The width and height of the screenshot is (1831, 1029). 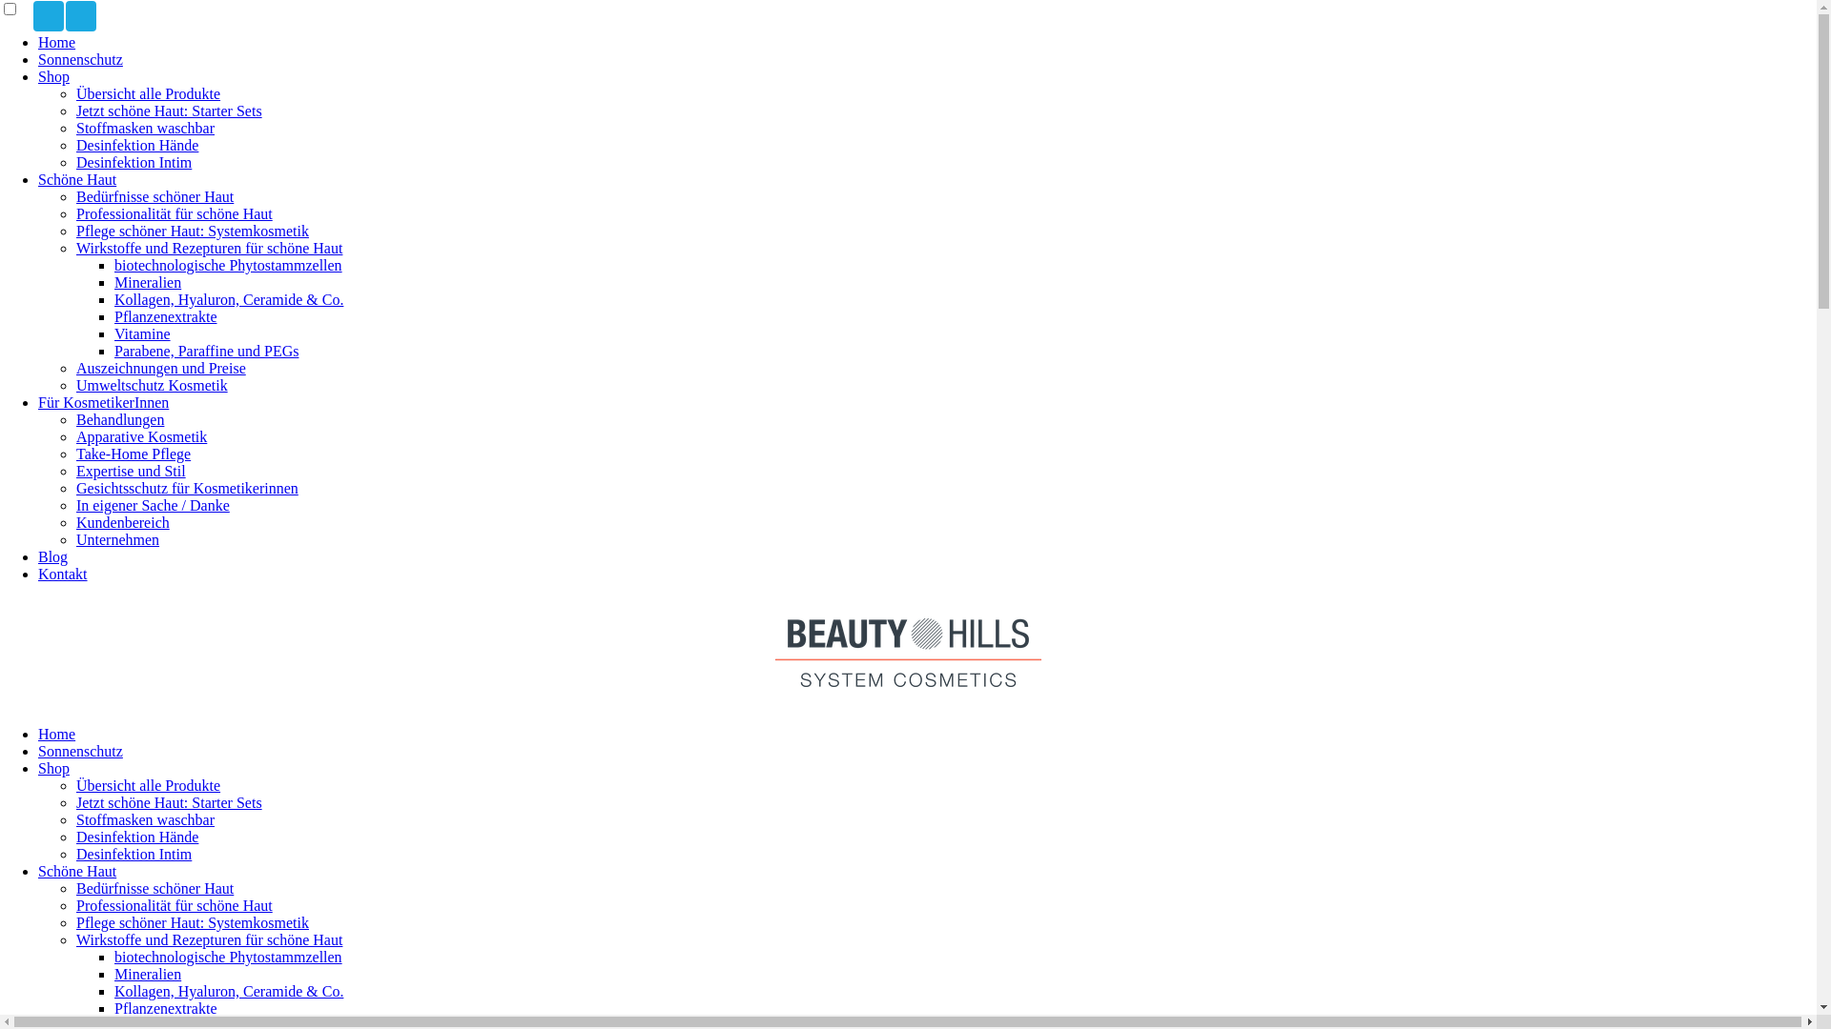 What do you see at coordinates (79, 58) in the screenshot?
I see `'Sonnenschutz'` at bounding box center [79, 58].